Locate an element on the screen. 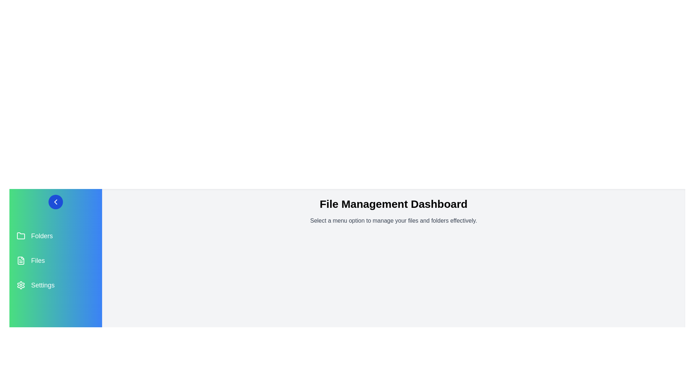 The image size is (695, 391). toggle button to expand or collapse the side menu is located at coordinates (55, 202).